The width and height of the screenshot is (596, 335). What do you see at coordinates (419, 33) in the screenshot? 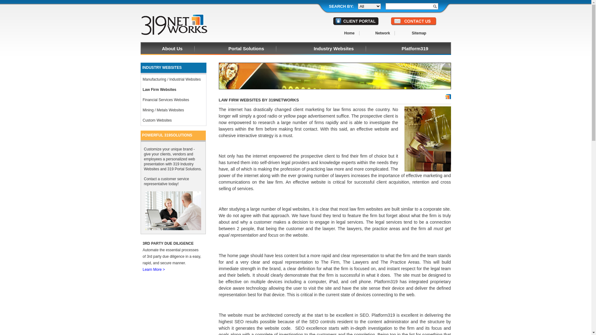
I see `'Sitemap'` at bounding box center [419, 33].